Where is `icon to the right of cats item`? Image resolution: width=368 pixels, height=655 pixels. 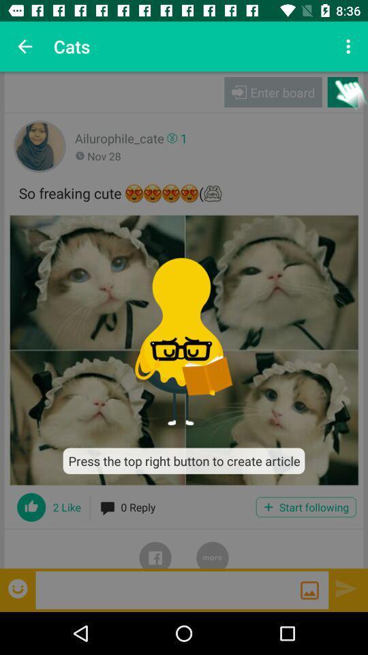
icon to the right of cats item is located at coordinates (350, 46).